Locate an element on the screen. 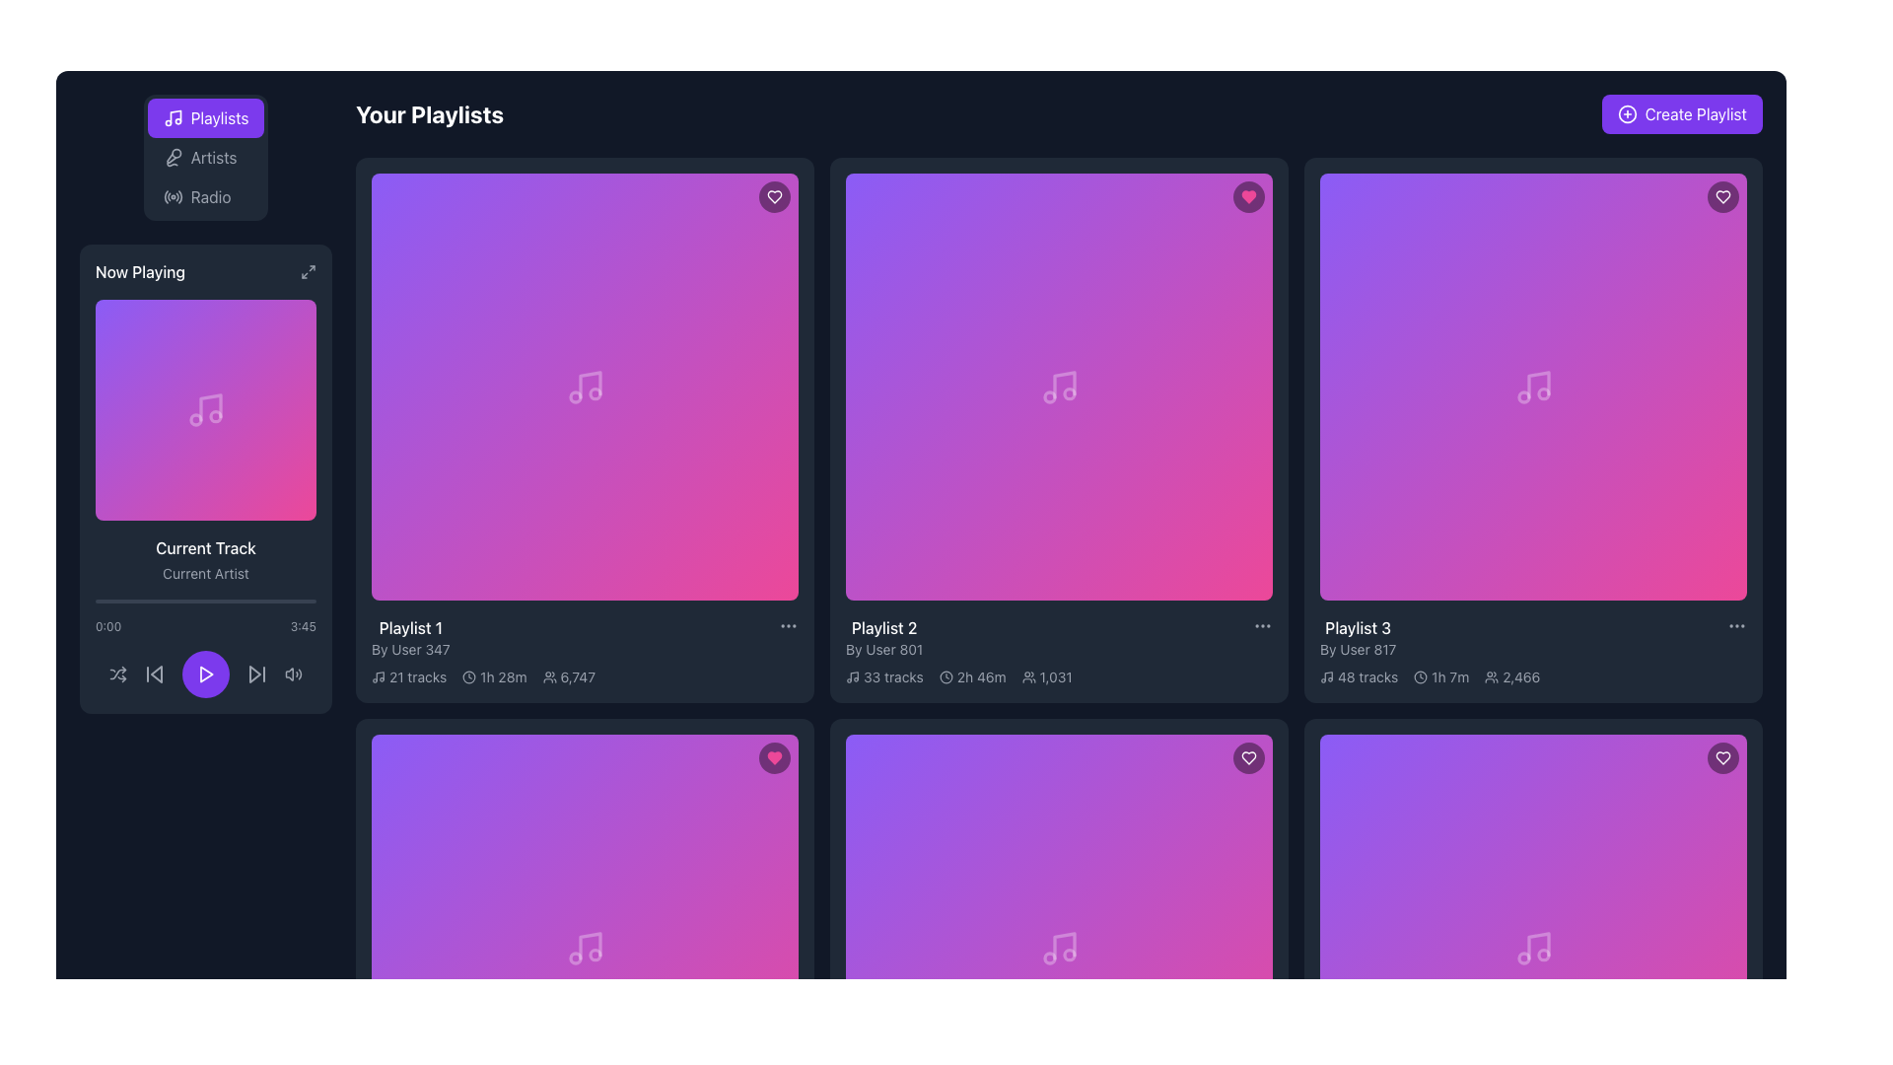 Image resolution: width=1893 pixels, height=1065 pixels. the circular button with a heart icon in white, located at the top-right corner of the playlist card is located at coordinates (1721, 756).